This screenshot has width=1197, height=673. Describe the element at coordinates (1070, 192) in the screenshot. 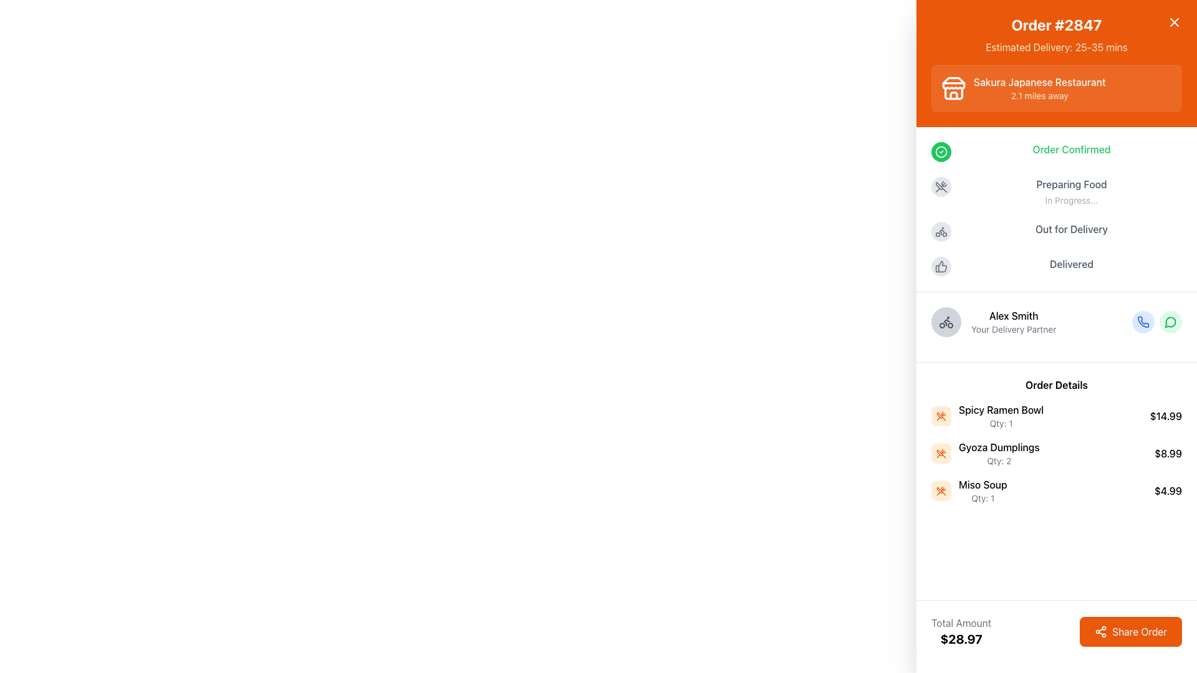

I see `the text element displaying the current status of the order, which indicates that the food preparation process is ongoing, located in the middle of the vertical progress tracker on the right-hand side of the interface` at that location.